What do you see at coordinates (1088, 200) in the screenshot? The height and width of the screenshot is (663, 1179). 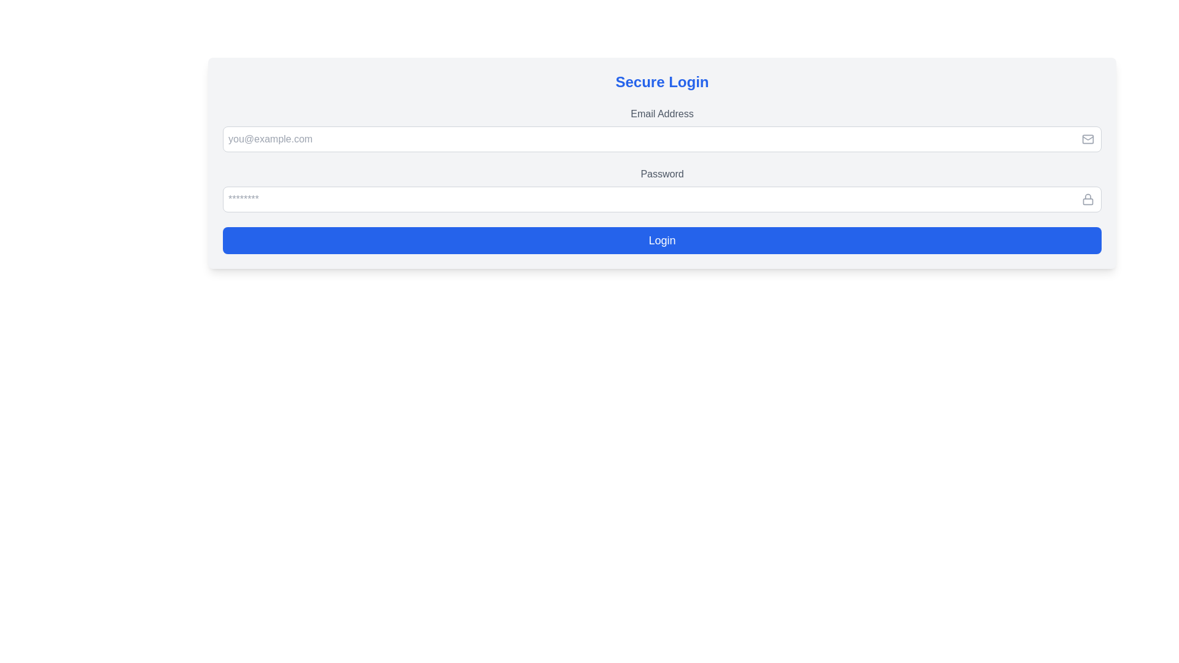 I see `the small rounded rectangle that forms the body of the lock icon, located towards the right-hand side of the password input field` at bounding box center [1088, 200].